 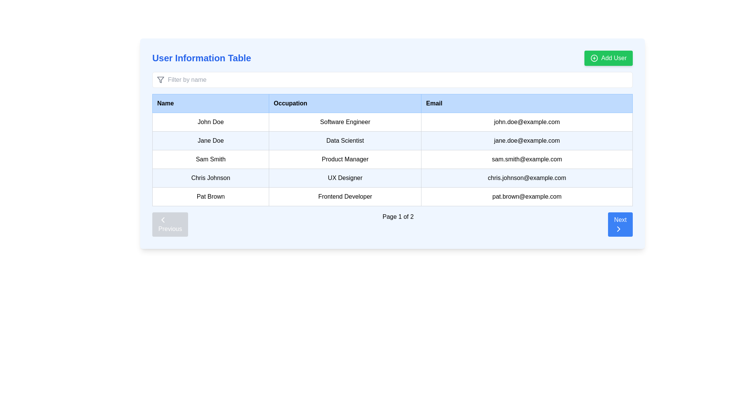 What do you see at coordinates (170, 224) in the screenshot?
I see `the disabled previous page button located at the bottom-left of the pagination section, which is styled in gray to indicate it is currently inactive` at bounding box center [170, 224].